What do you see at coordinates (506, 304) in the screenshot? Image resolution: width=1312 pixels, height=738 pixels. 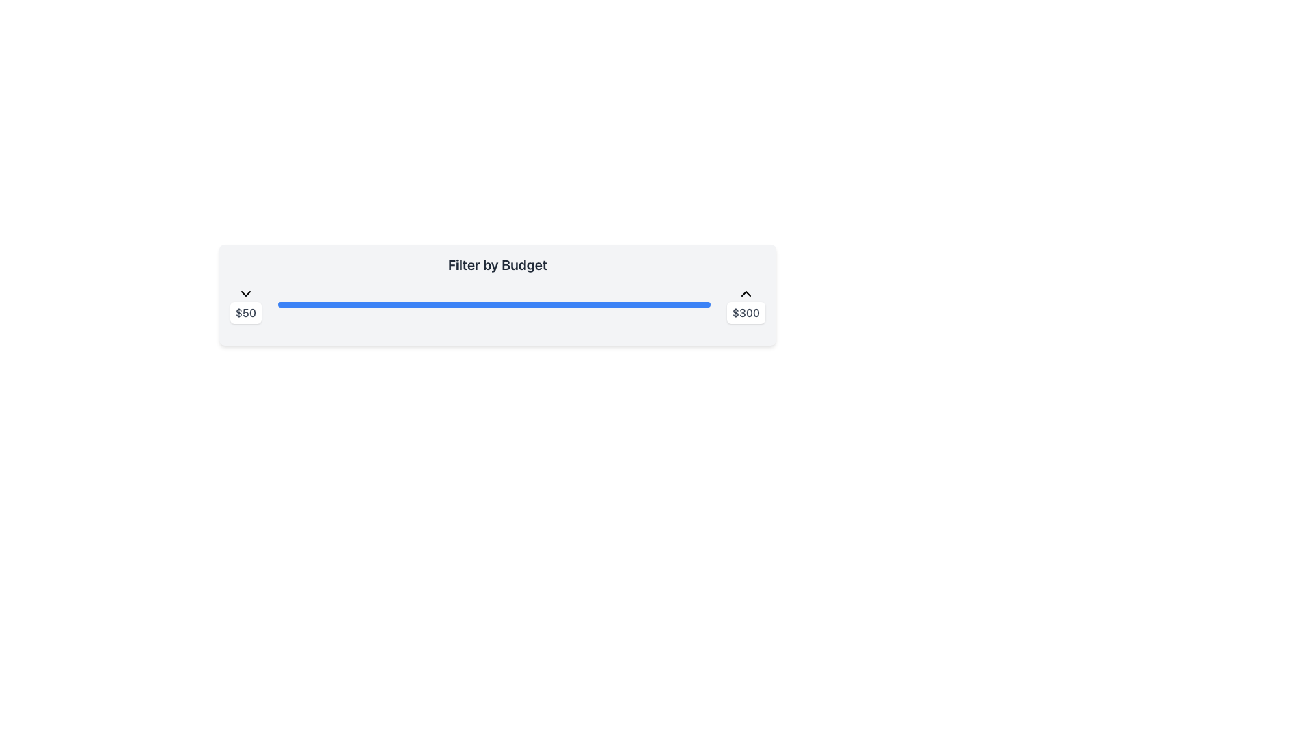 I see `the slider value` at bounding box center [506, 304].